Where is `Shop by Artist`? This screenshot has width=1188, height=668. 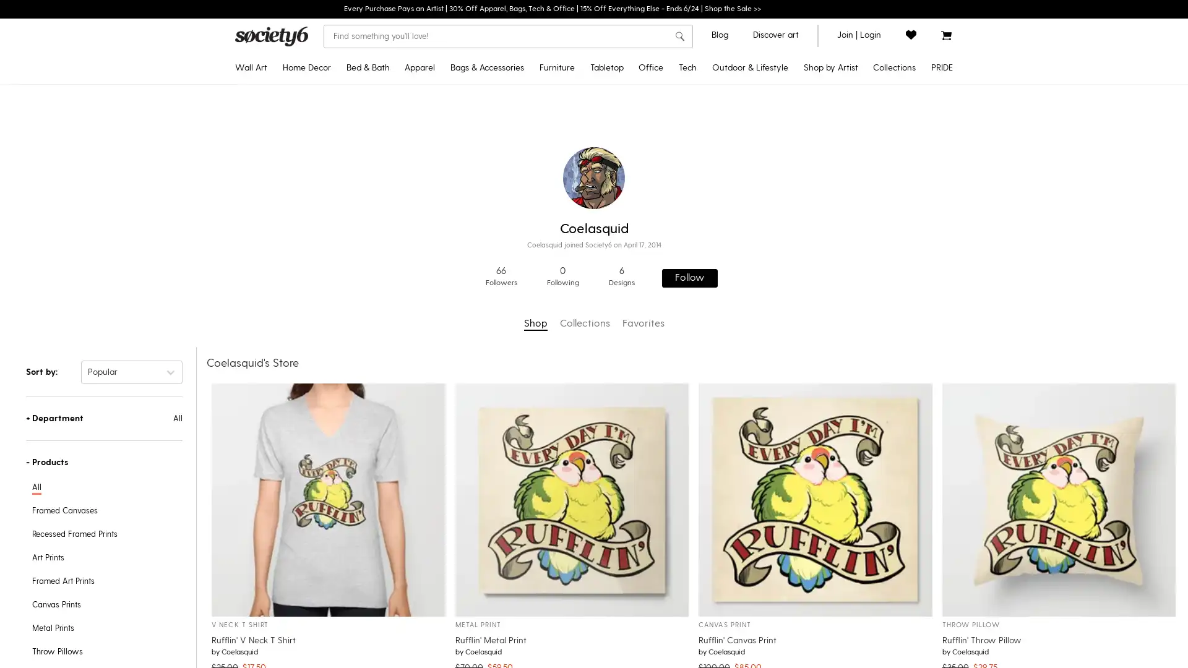
Shop by Artist is located at coordinates (797, 278).